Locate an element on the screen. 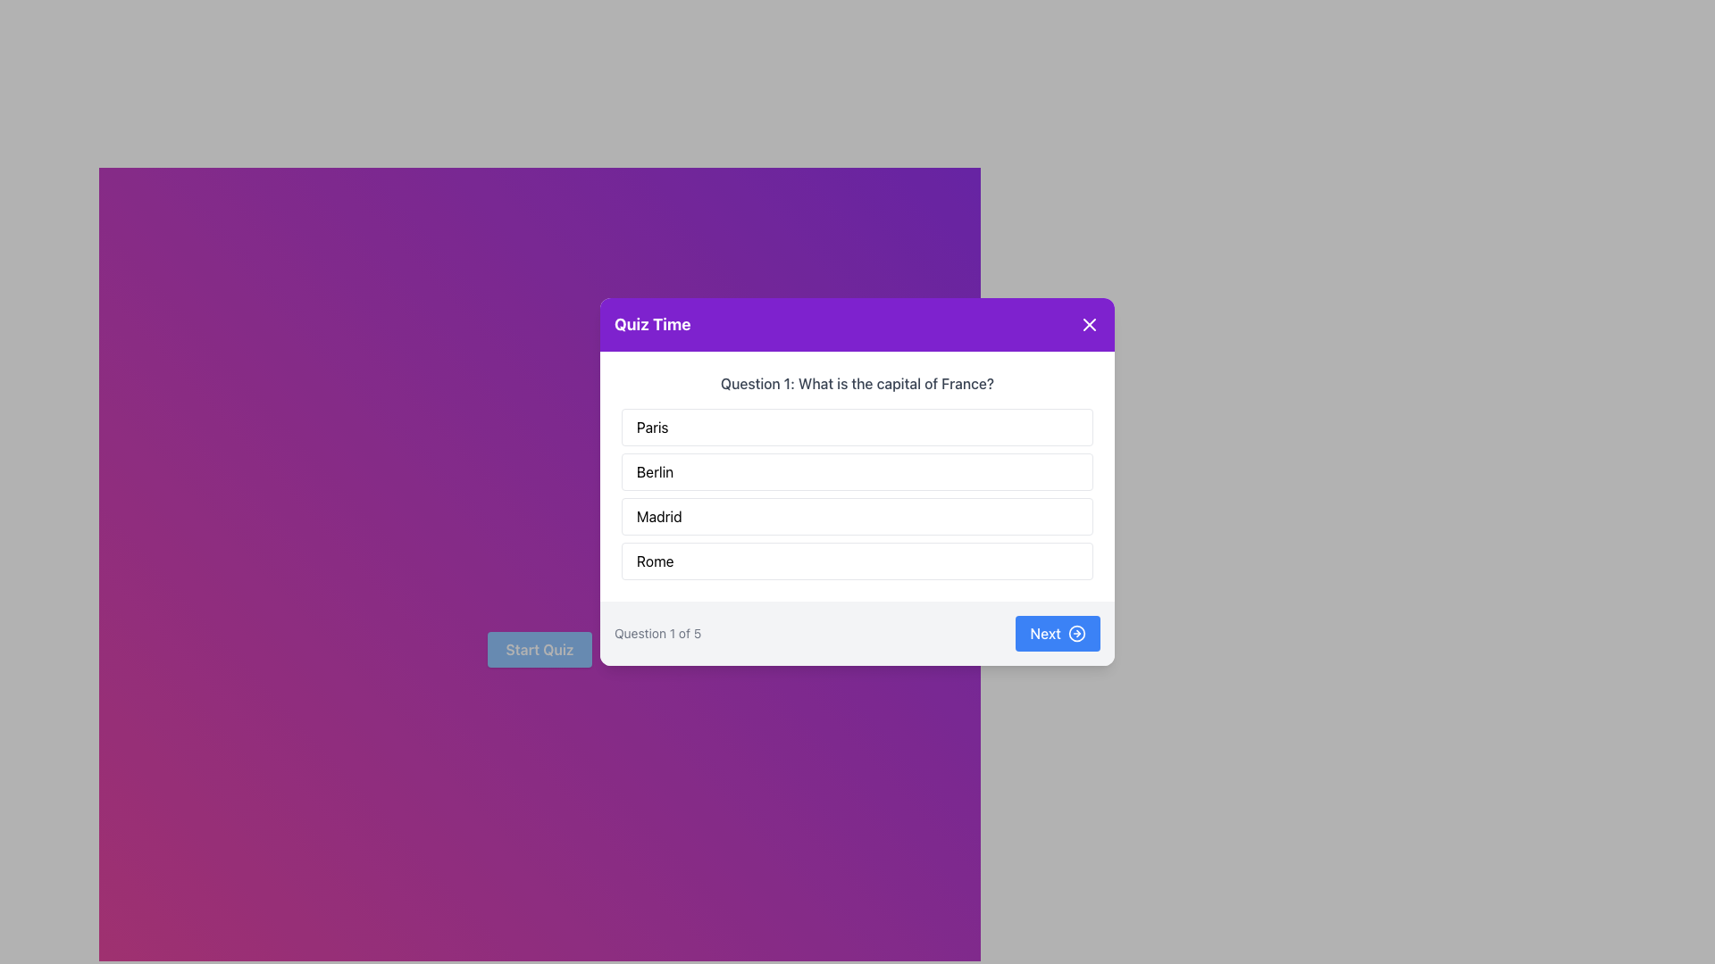  the button labeled 'Paris', which is the first in a vertical group of four buttons is located at coordinates (857, 427).